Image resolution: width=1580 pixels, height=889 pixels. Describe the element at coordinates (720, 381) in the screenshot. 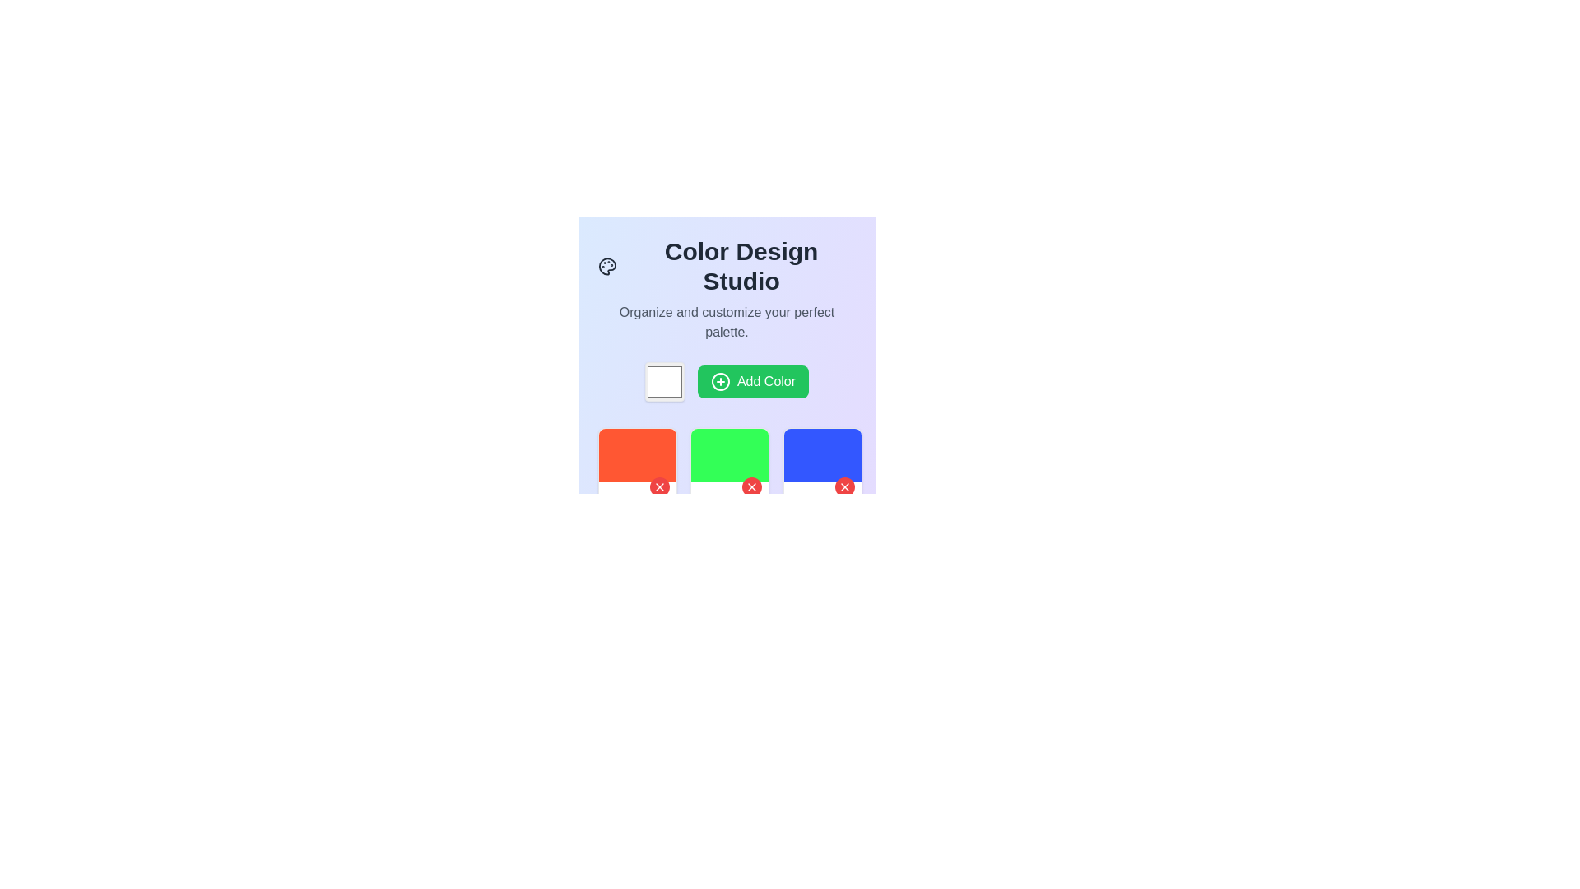

I see `the circular Icon component with a green border located at the center of the interface, positioned to the left of the 'Add Color' button` at that location.